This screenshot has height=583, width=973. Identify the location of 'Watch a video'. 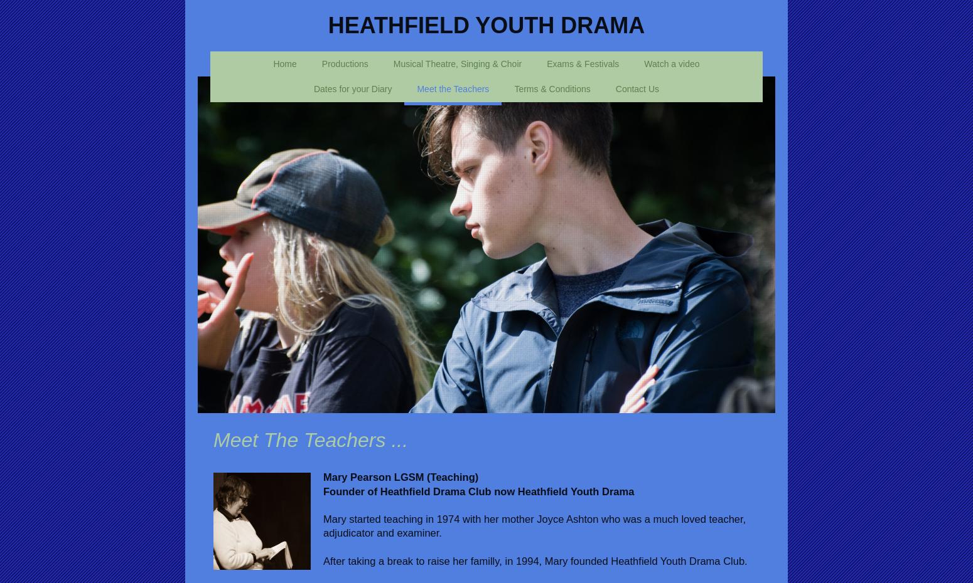
(671, 63).